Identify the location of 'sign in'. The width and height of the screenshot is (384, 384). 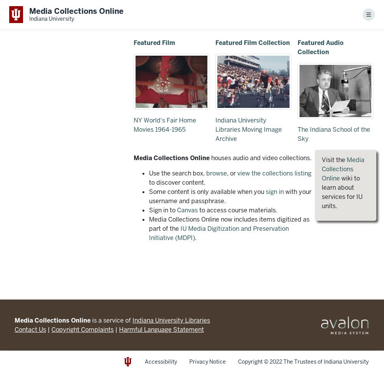
(274, 191).